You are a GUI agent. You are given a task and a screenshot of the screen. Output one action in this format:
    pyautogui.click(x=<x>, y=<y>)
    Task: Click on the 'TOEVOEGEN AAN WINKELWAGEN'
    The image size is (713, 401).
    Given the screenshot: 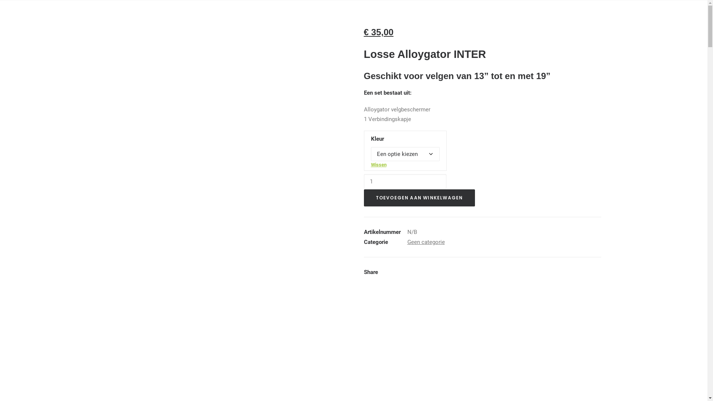 What is the action you would take?
    pyautogui.click(x=419, y=197)
    